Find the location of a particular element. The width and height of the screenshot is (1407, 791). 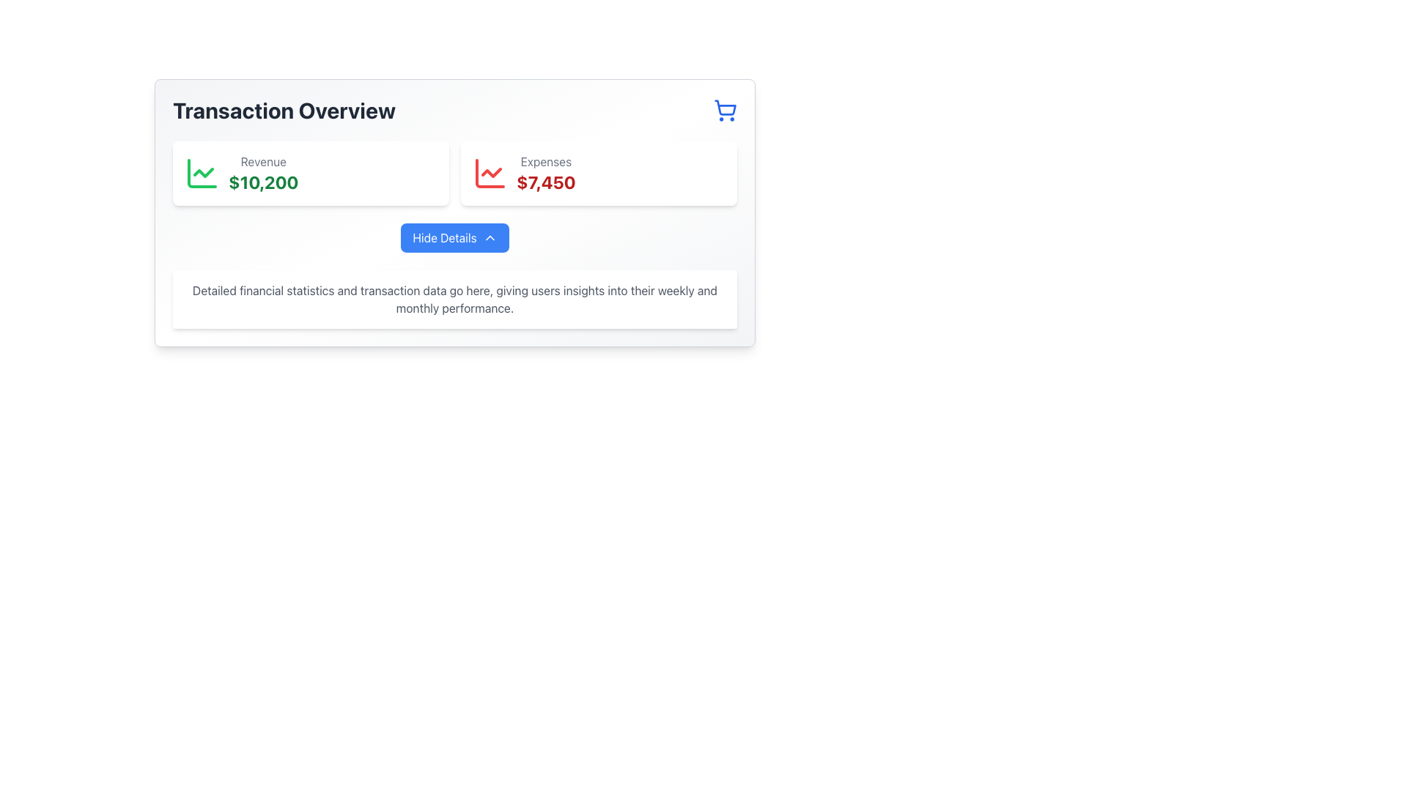

the static text display that shows the revenue value '$10,200', which is positioned in the upper-left corner of the financial overview display, next to a green line-chart icon is located at coordinates (263, 172).